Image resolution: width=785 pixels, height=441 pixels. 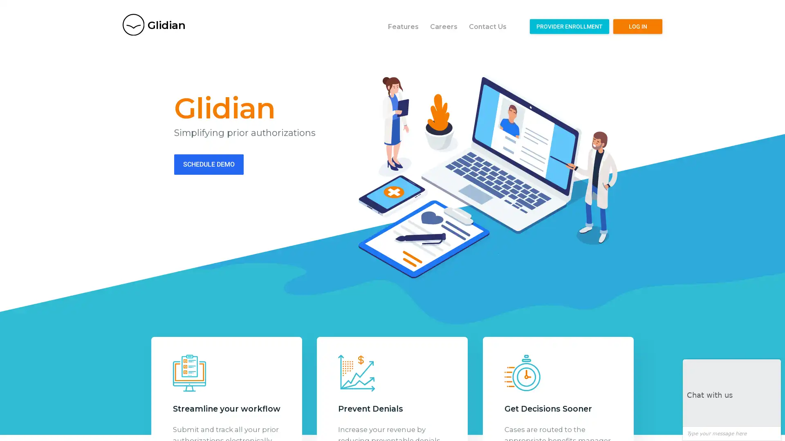 What do you see at coordinates (208, 164) in the screenshot?
I see `SCHEDULE DEMO` at bounding box center [208, 164].